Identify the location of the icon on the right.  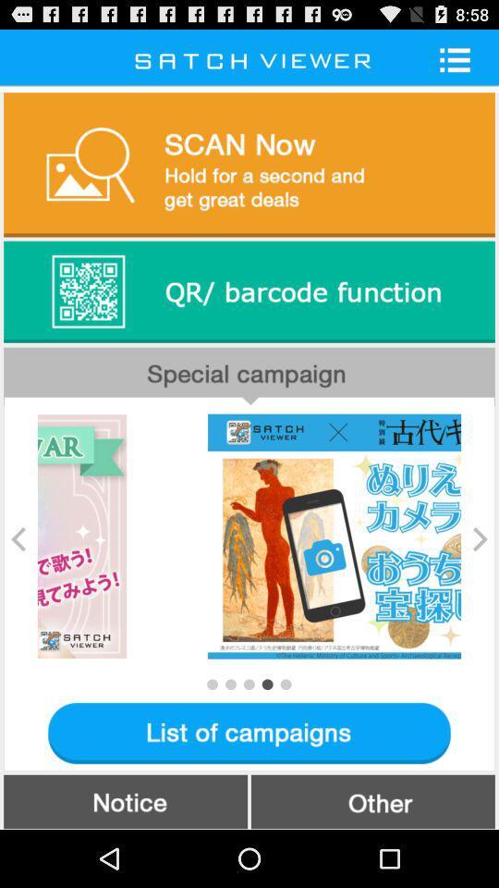
(480, 538).